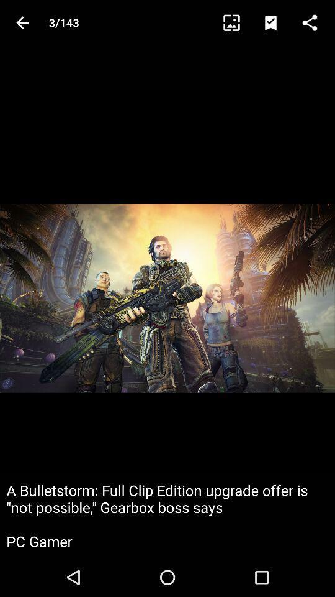 The height and width of the screenshot is (597, 335). What do you see at coordinates (315, 22) in the screenshot?
I see `the icon above the a bulletstorm full item` at bounding box center [315, 22].